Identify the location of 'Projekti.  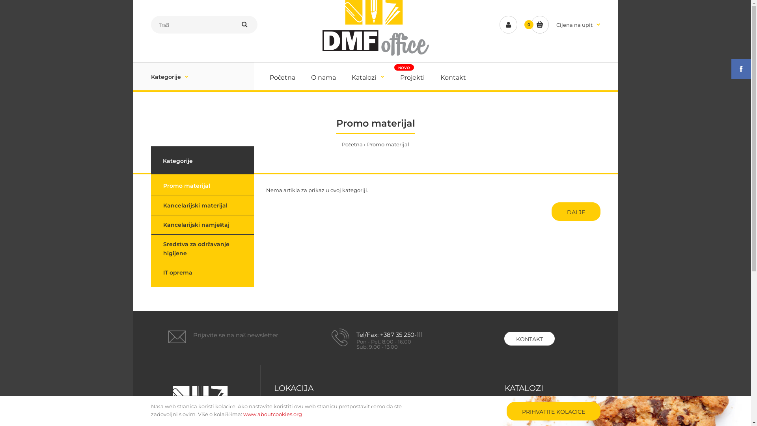
(399, 76).